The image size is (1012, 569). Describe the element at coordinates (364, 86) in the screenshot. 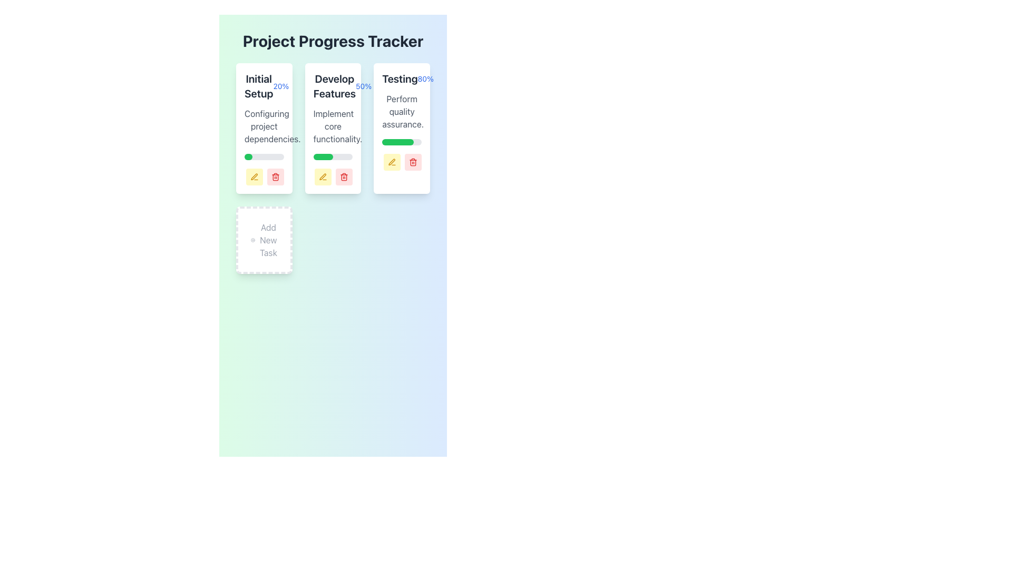

I see `the text label displaying '50%' in blue, which indicates the progress of the 'Develop Features' section, located to the right side of the section title` at that location.